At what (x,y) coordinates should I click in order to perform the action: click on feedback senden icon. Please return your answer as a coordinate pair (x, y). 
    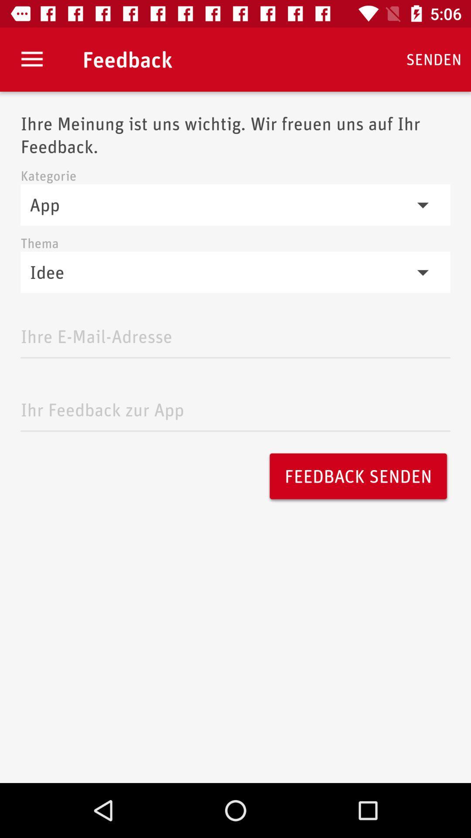
    Looking at the image, I should click on (358, 476).